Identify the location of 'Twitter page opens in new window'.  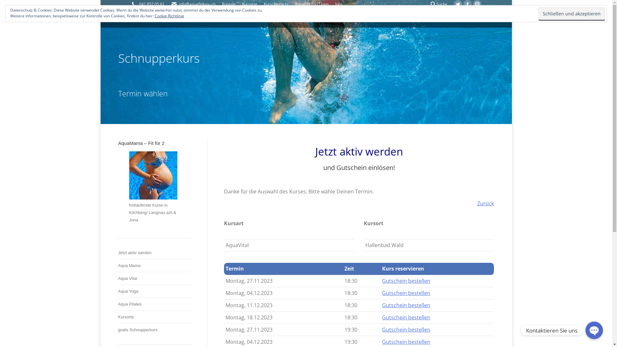
(458, 4).